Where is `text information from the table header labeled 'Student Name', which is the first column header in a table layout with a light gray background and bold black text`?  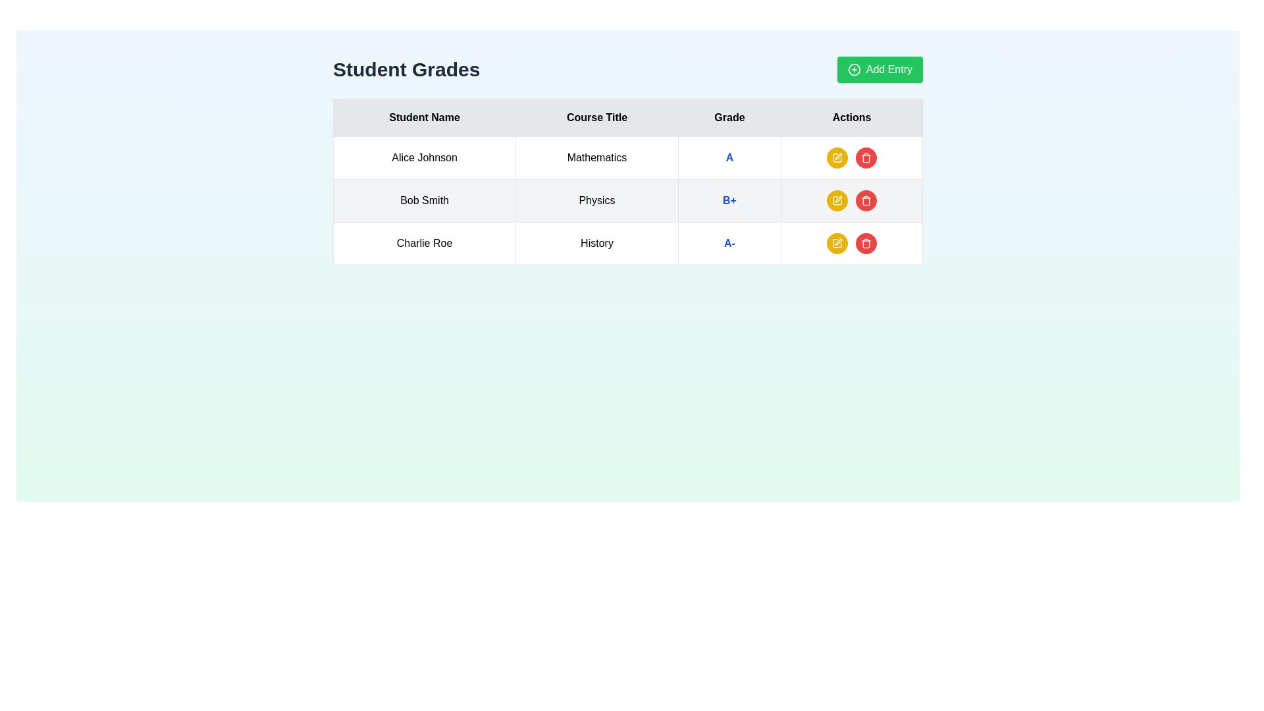
text information from the table header labeled 'Student Name', which is the first column header in a table layout with a light gray background and bold black text is located at coordinates (425, 117).